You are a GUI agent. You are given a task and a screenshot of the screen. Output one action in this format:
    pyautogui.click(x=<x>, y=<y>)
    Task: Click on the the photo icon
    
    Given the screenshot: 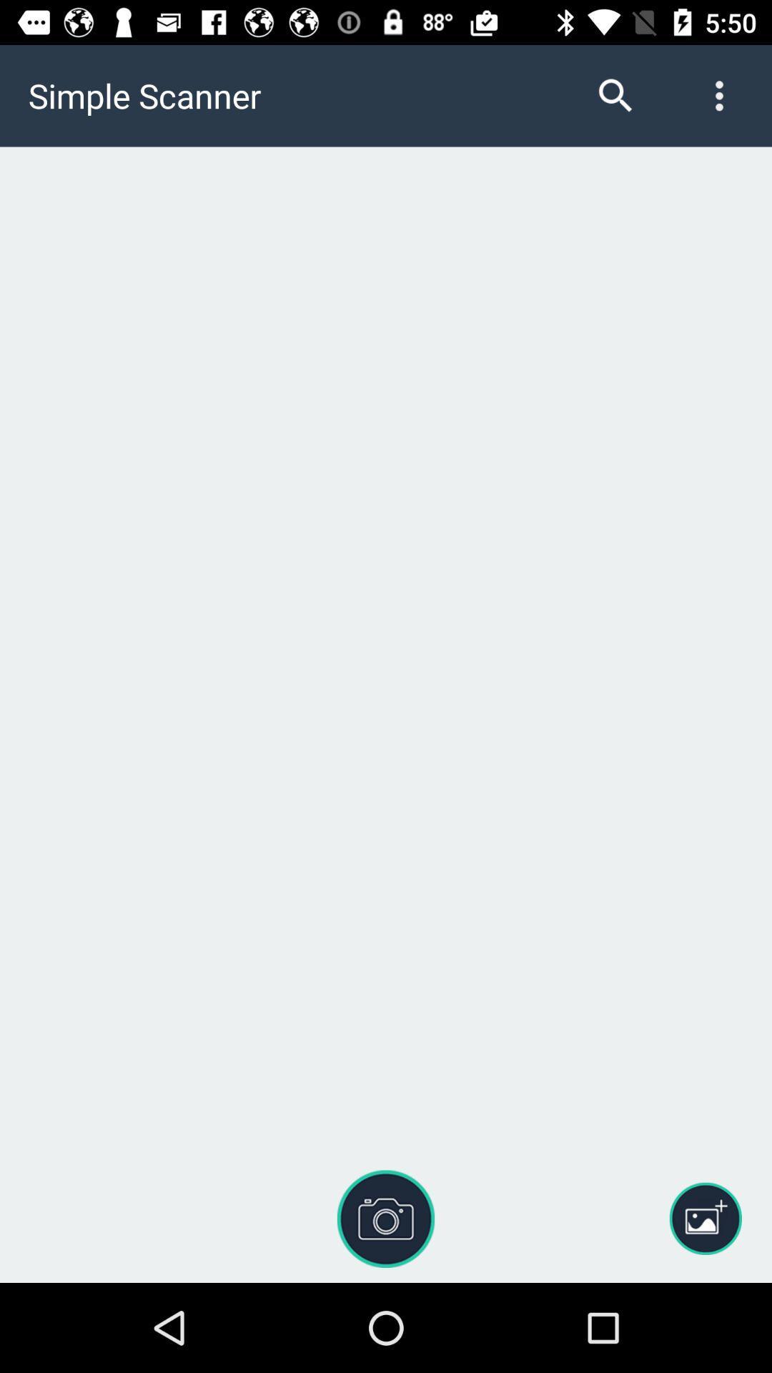 What is the action you would take?
    pyautogui.click(x=386, y=1218)
    